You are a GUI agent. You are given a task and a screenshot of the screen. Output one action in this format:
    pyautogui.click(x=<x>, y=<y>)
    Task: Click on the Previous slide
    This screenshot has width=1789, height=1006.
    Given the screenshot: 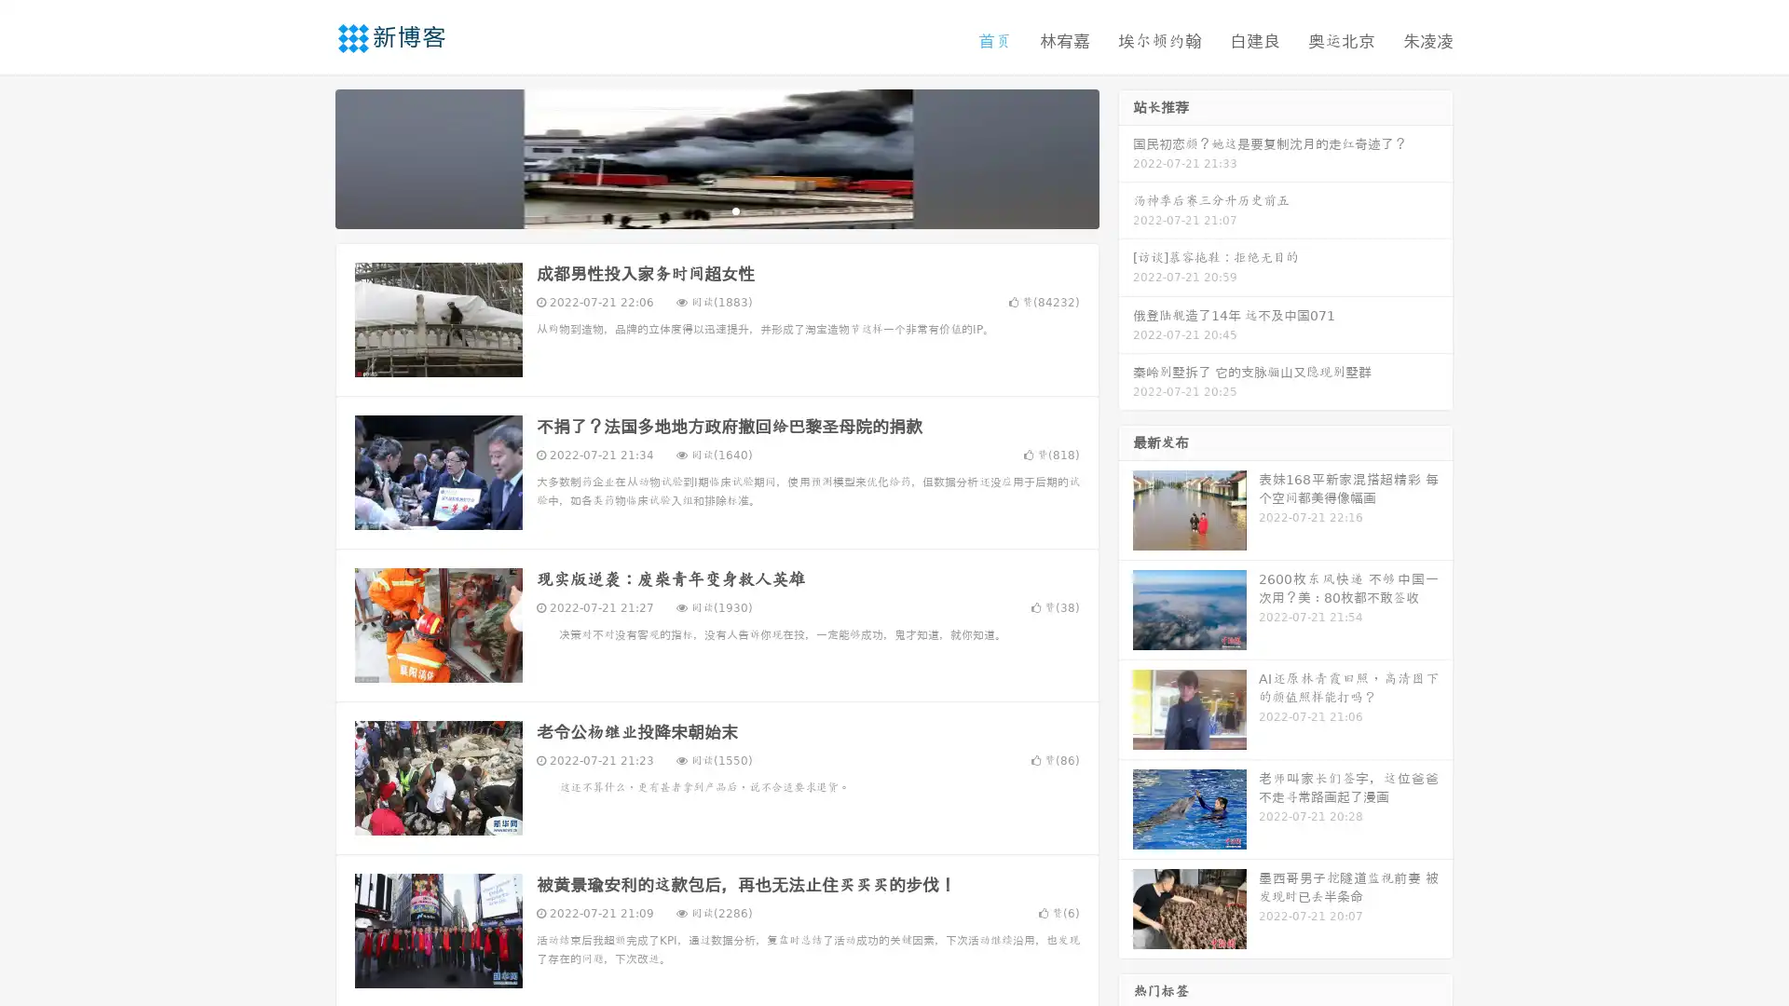 What is the action you would take?
    pyautogui.click(x=307, y=156)
    